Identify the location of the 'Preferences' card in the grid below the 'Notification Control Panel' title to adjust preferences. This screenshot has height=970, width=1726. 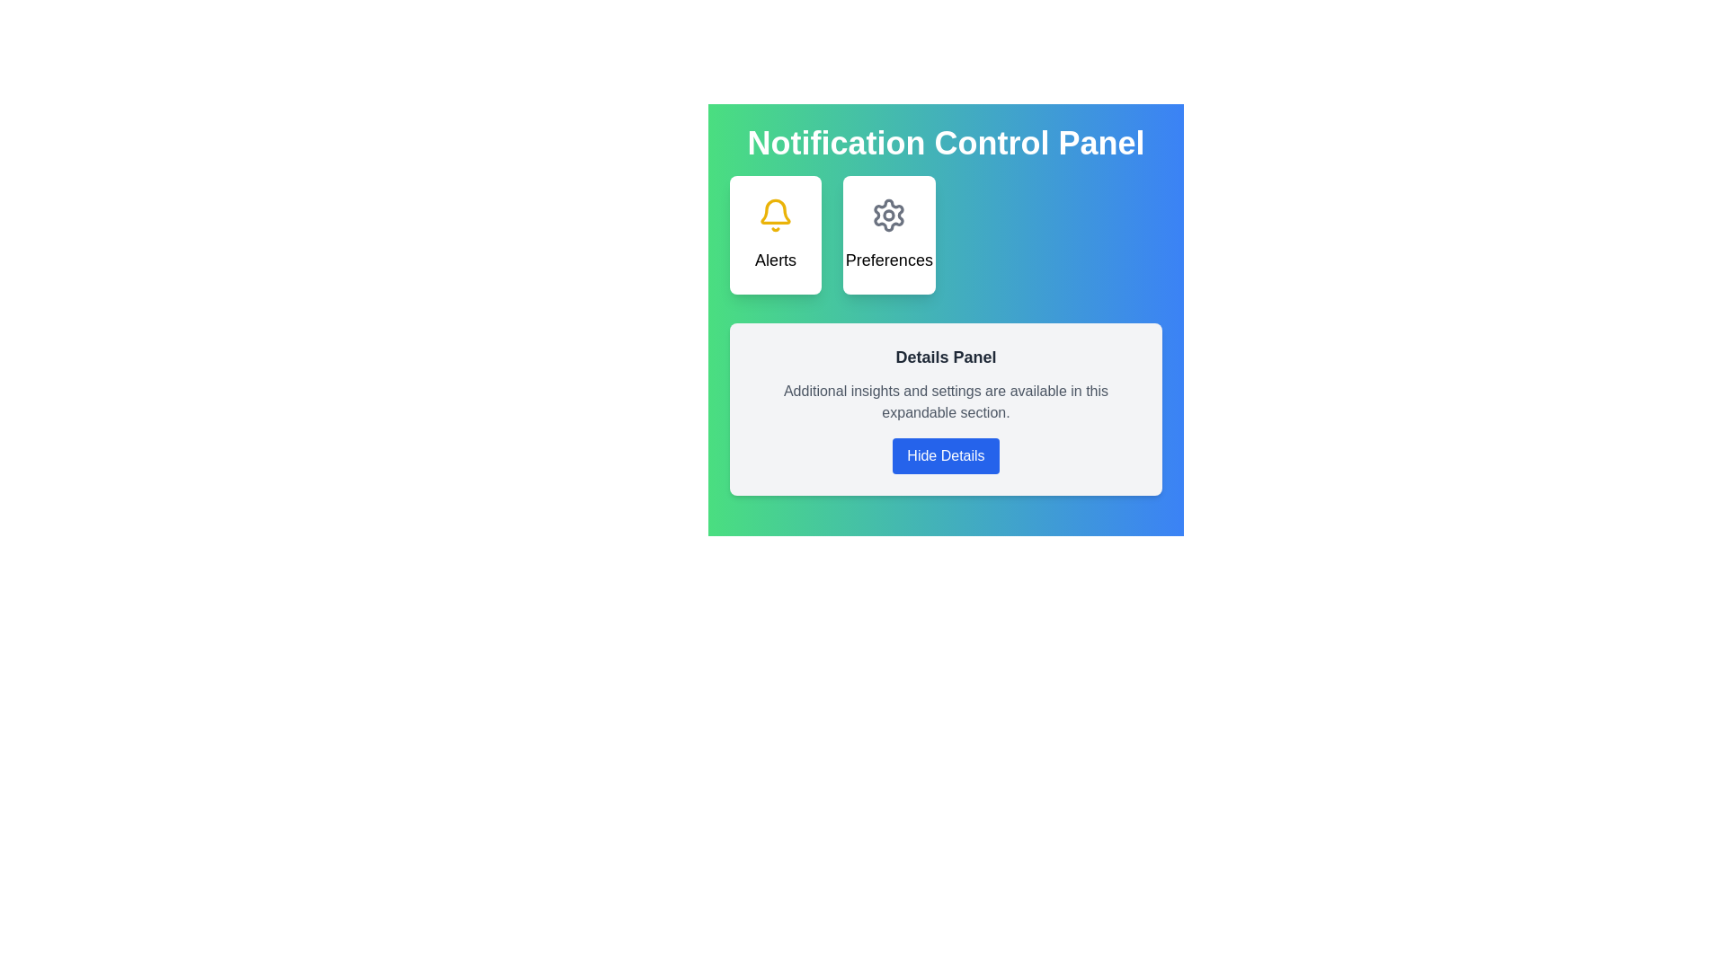
(945, 234).